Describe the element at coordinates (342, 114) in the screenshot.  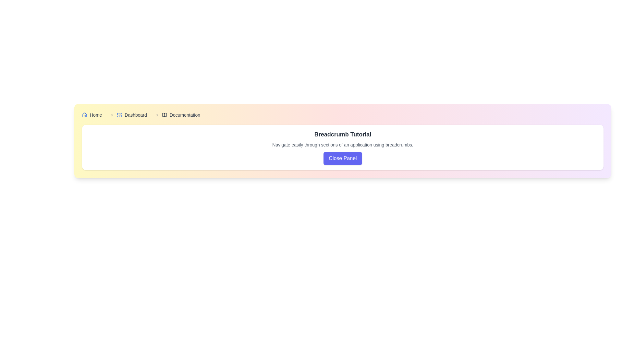
I see `the Breadcrumb navigation bar, which serves as a breadcrumb navigation for users to understand their current location and navigate back to previous sections` at that location.